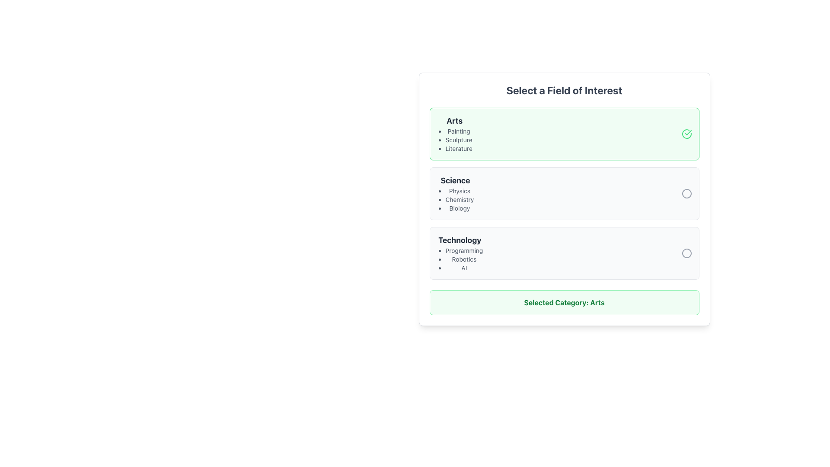 Image resolution: width=830 pixels, height=467 pixels. Describe the element at coordinates (686, 253) in the screenshot. I see `the SVG Circle located next to the 'Technology' label in the selection menu` at that location.